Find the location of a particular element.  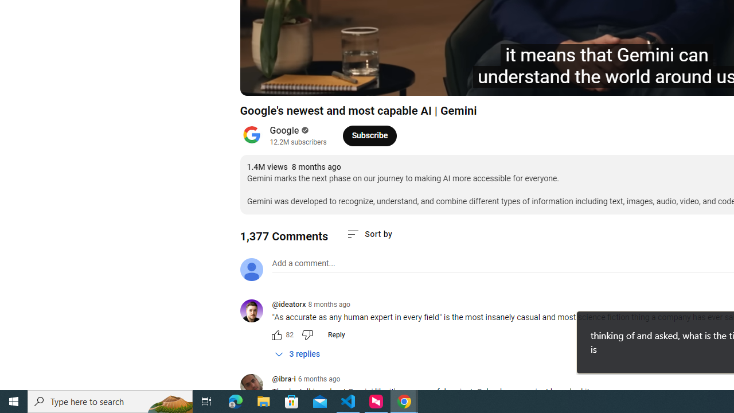

'AutomationID: simplebox-placeholder' is located at coordinates (303, 263).